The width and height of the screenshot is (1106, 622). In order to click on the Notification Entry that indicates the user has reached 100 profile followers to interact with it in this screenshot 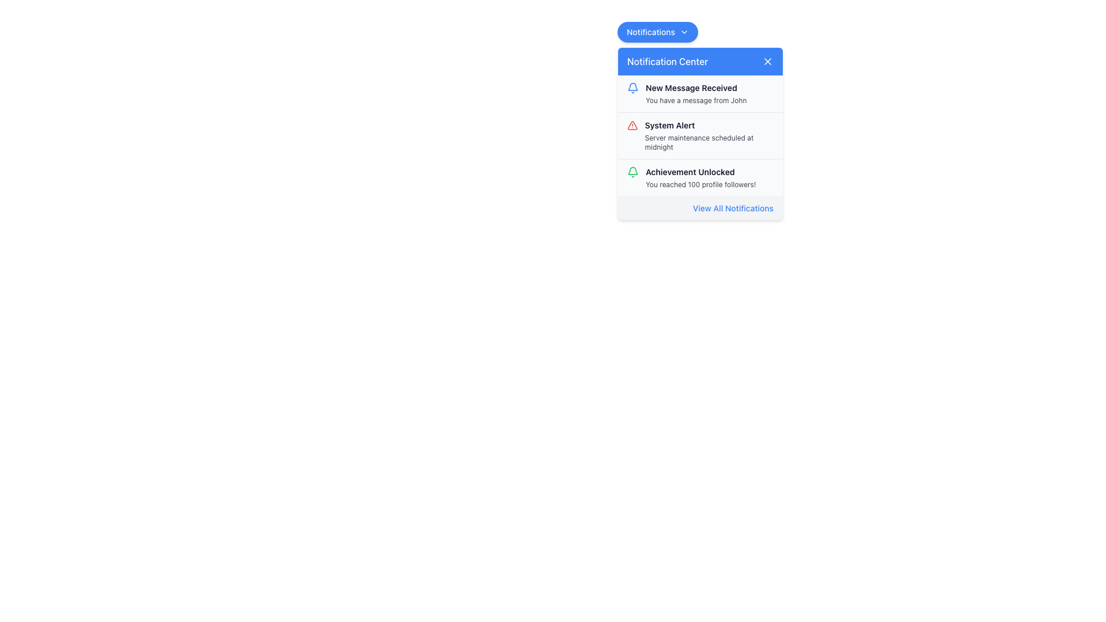, I will do `click(699, 177)`.